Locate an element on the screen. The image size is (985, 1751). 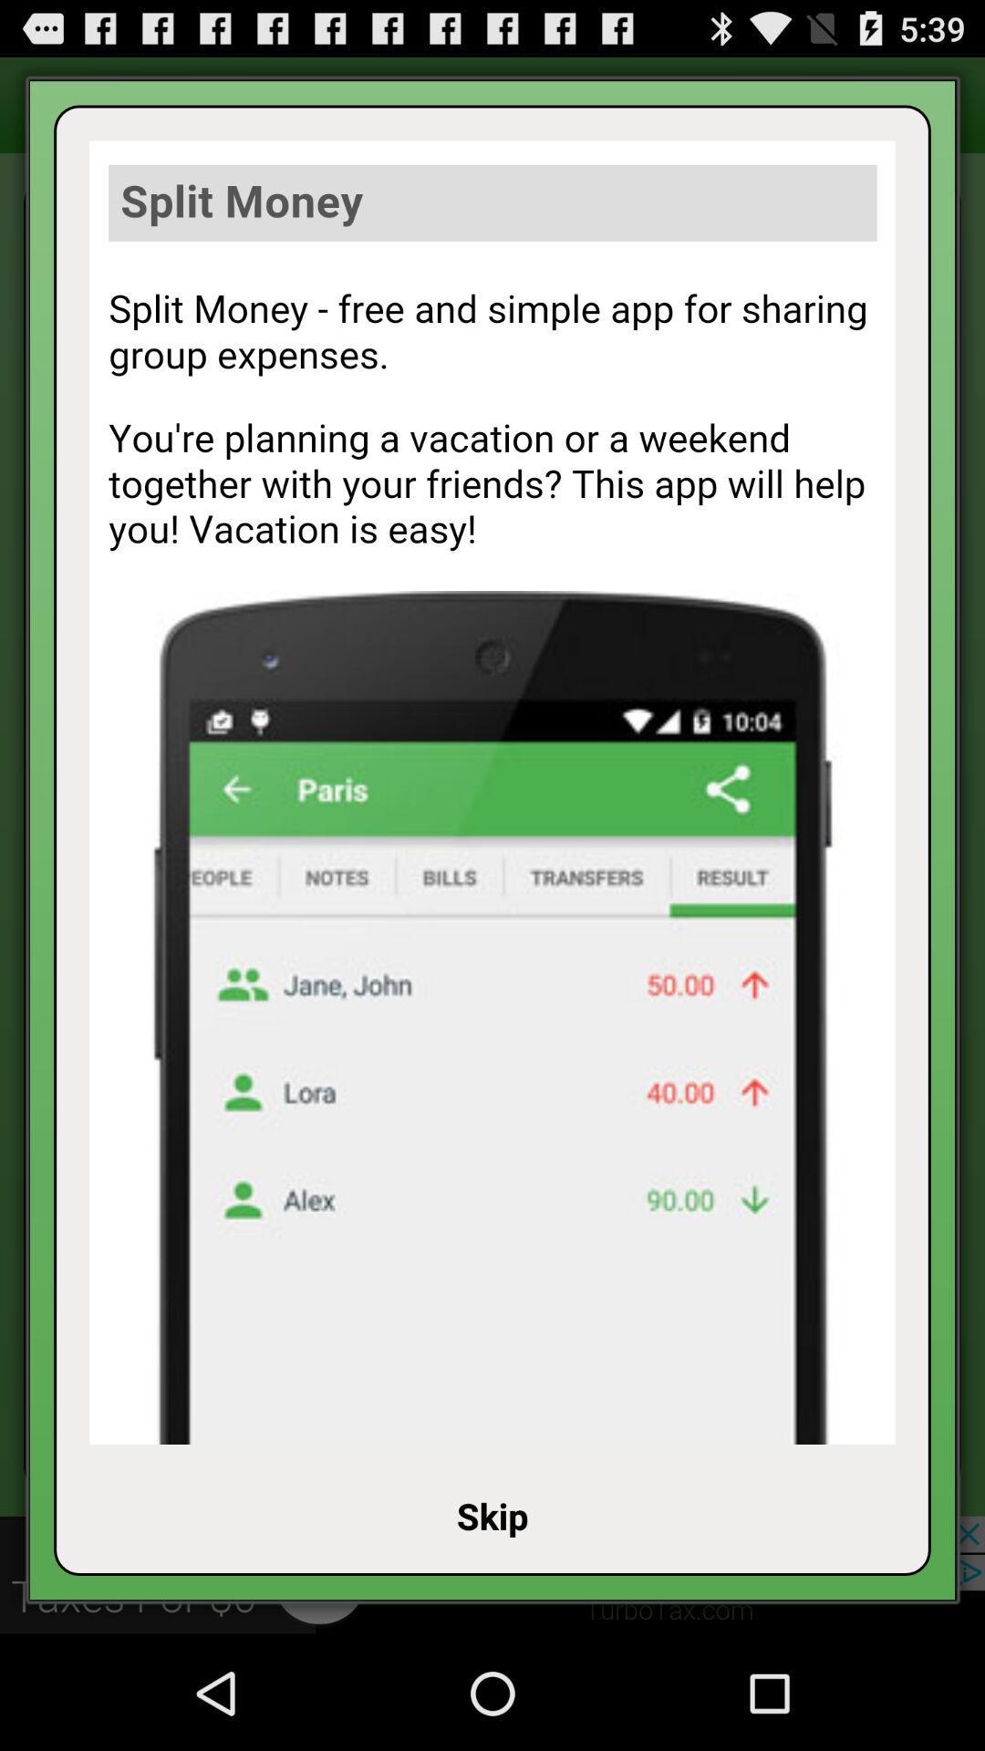
advertisement page is located at coordinates (493, 793).